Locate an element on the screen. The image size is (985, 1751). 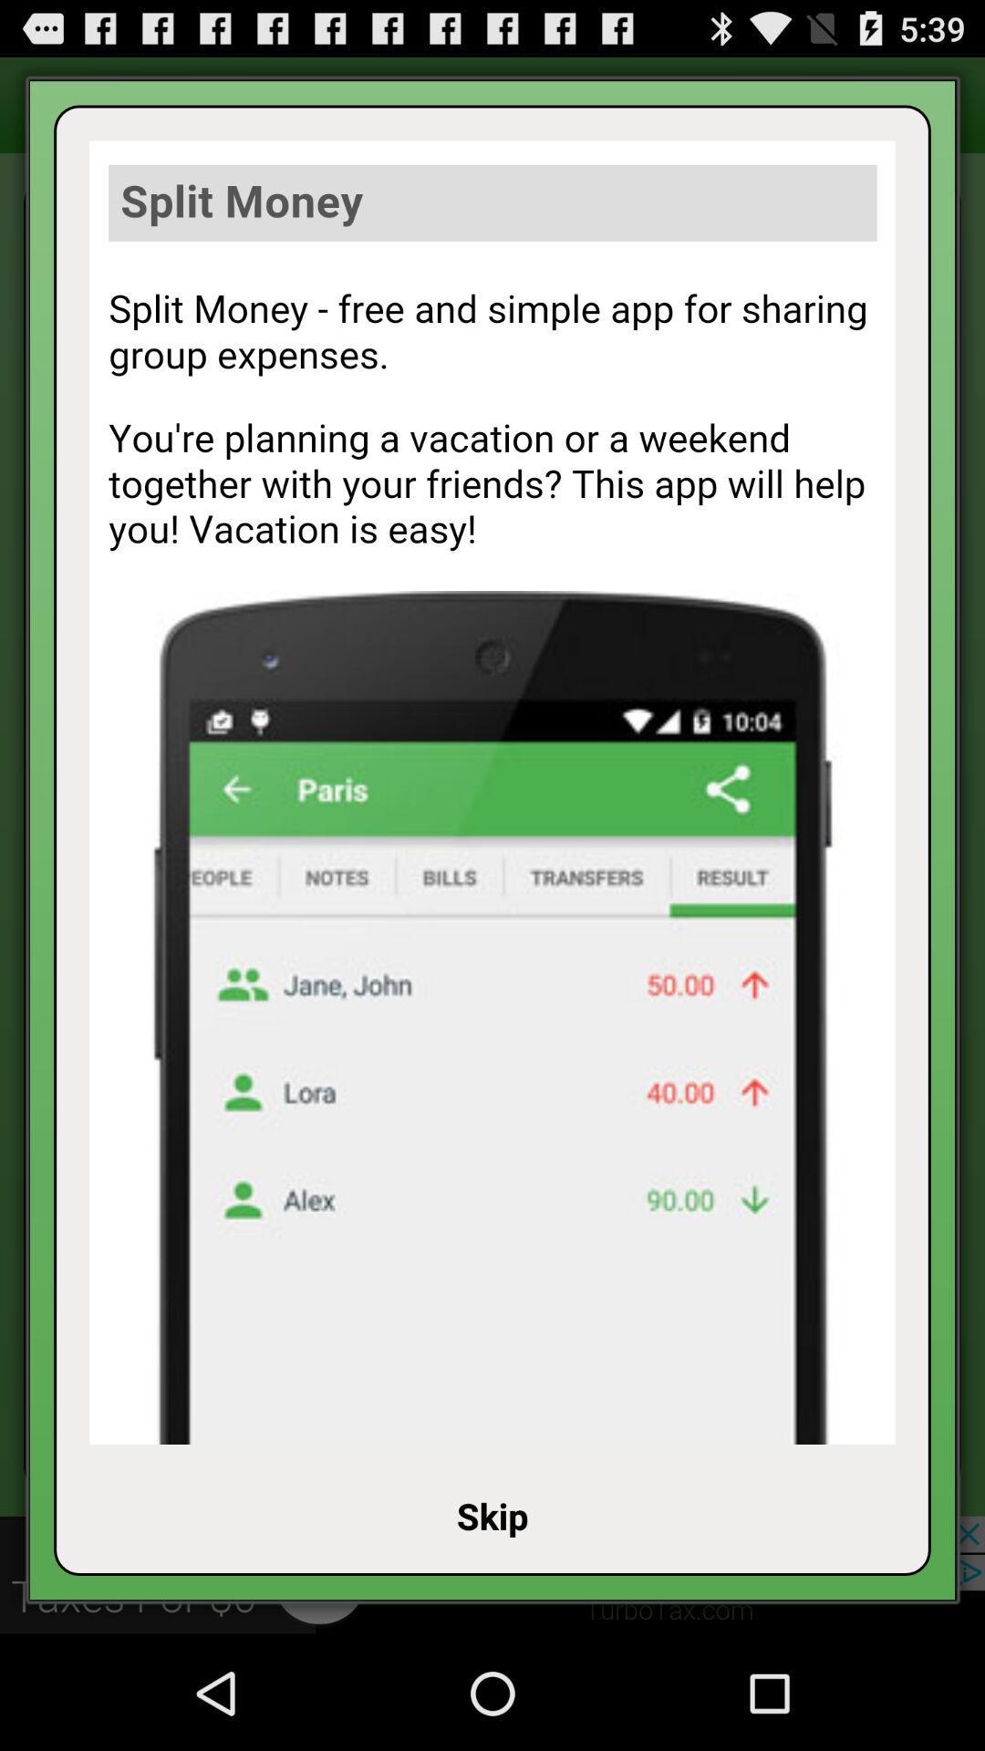
advertisement page is located at coordinates (493, 793).